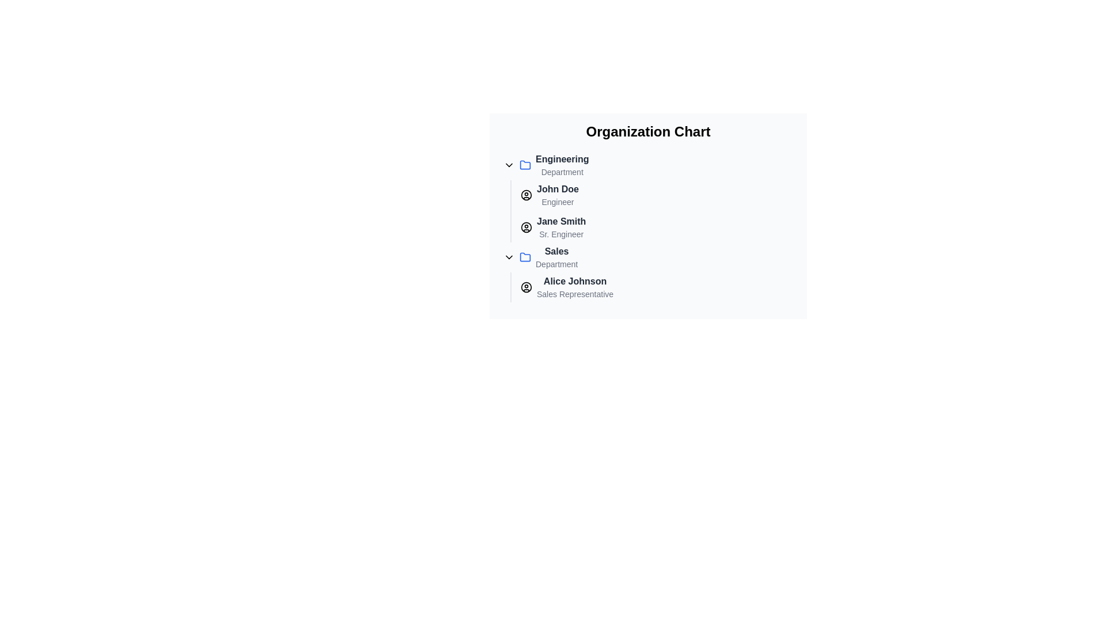  Describe the element at coordinates (525, 257) in the screenshot. I see `the folder icon located immediately to the left of the 'Sales' department label` at that location.